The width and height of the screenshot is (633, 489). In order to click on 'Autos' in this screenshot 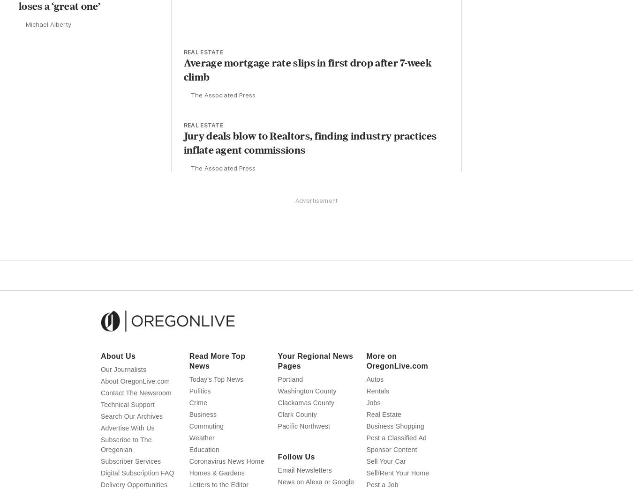, I will do `click(375, 397)`.